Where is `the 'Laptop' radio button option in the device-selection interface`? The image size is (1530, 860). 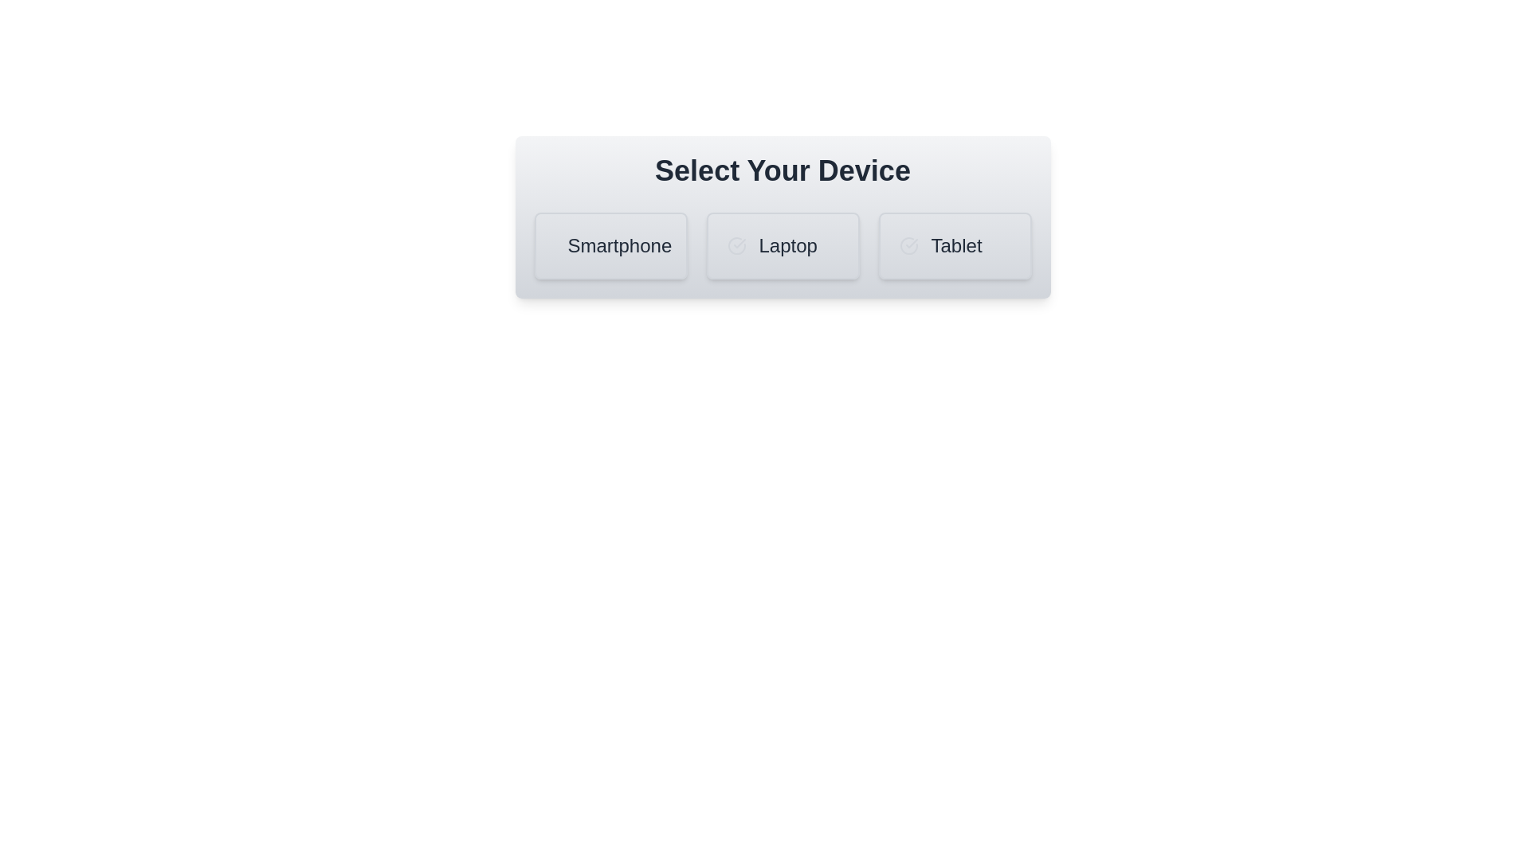 the 'Laptop' radio button option in the device-selection interface is located at coordinates (783, 245).